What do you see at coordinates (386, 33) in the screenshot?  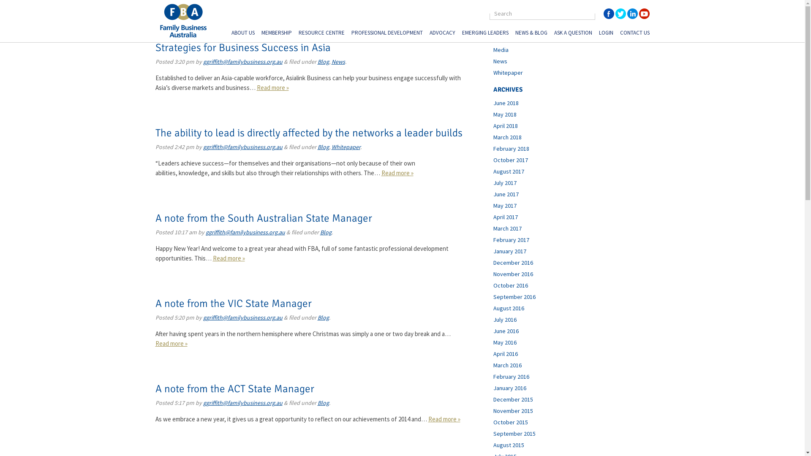 I see `'PROFESSIONAL DEVELOPMENT'` at bounding box center [386, 33].